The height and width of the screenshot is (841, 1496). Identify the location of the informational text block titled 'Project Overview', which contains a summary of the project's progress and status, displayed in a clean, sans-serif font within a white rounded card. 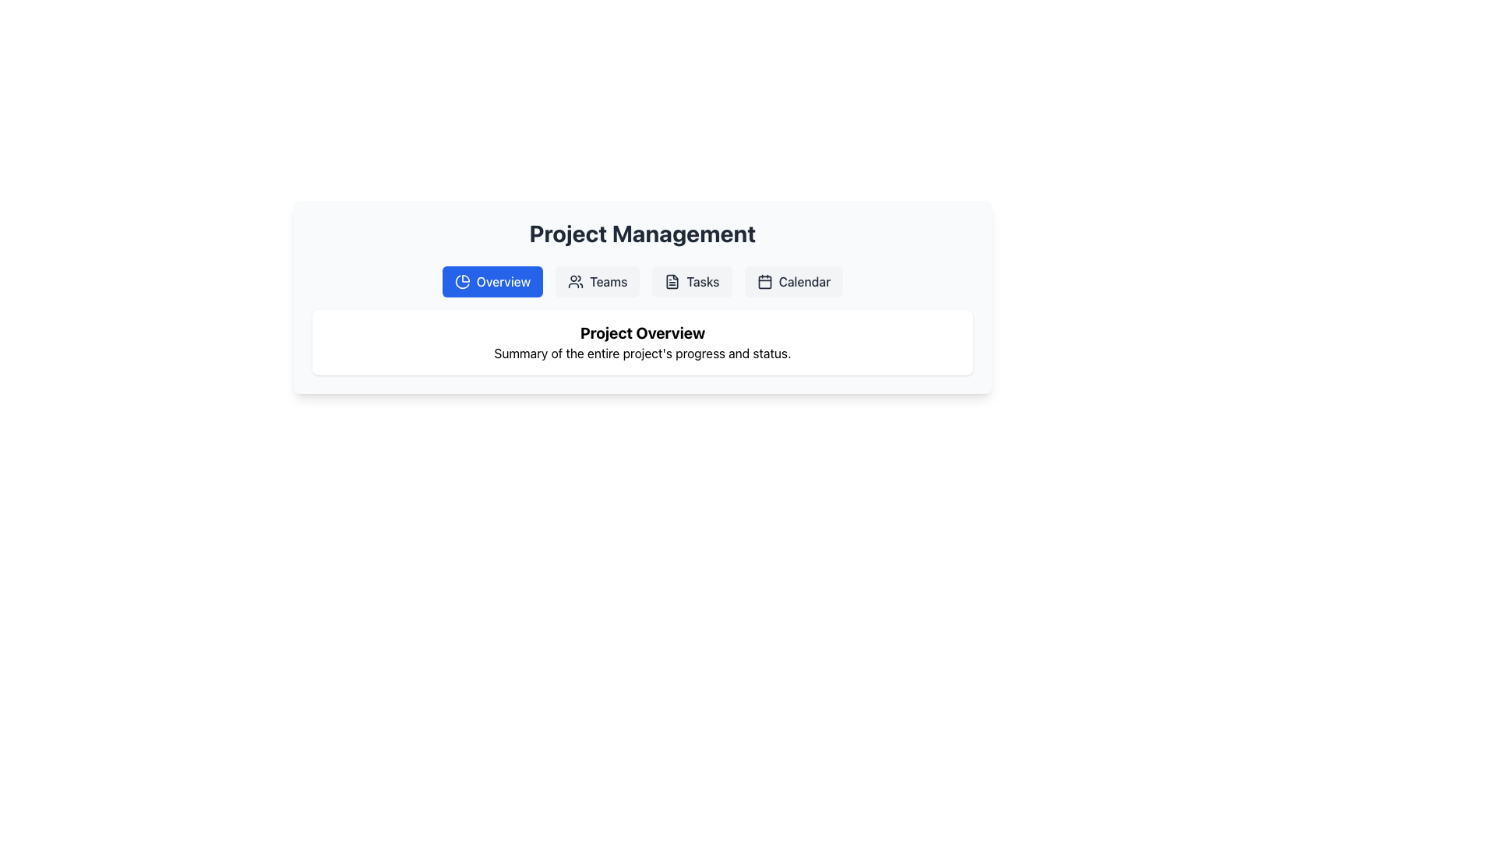
(643, 341).